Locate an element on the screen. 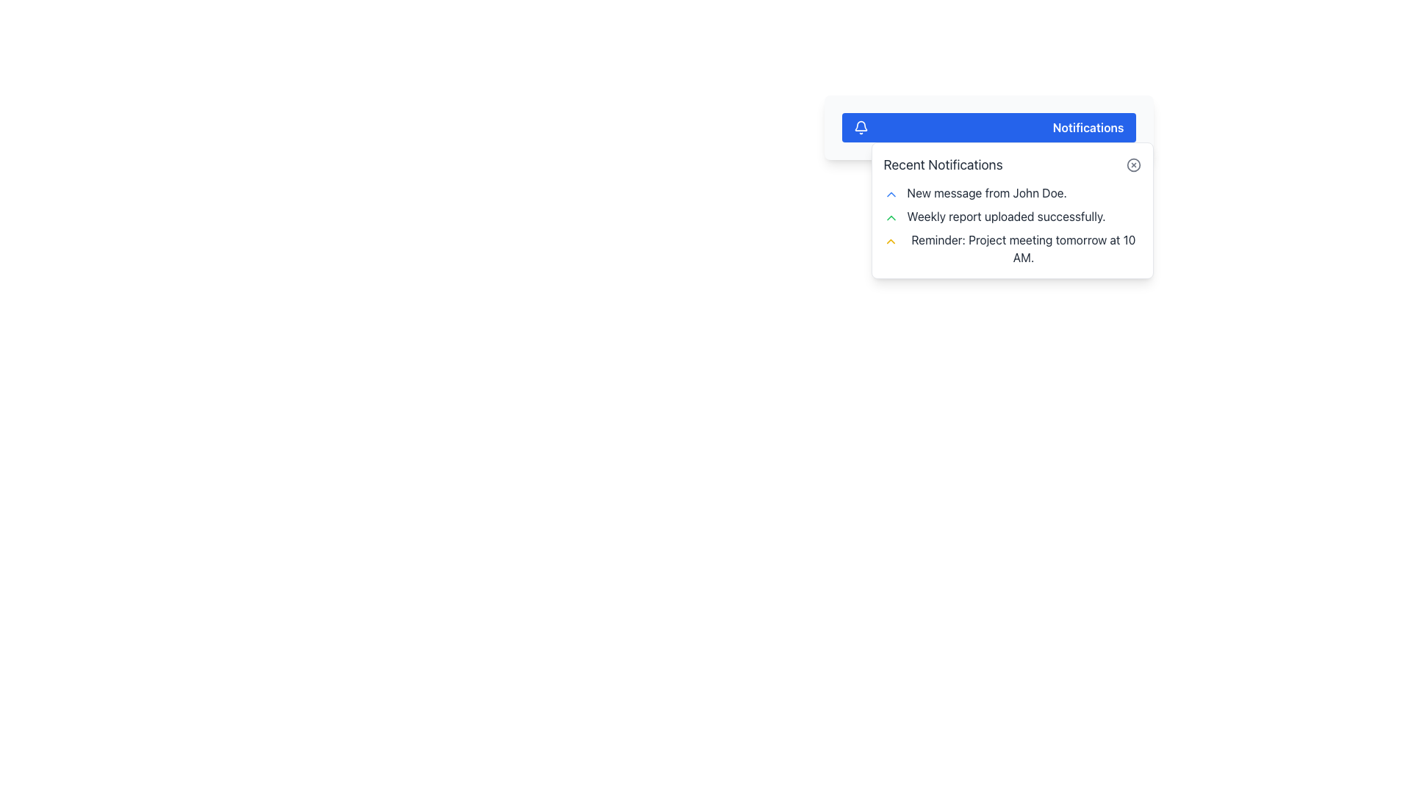 This screenshot has width=1411, height=793. the icon located at the leftmost position of the alert bar for 'Reminder: Project meeting tomorrow at 10 AM' is located at coordinates (889, 240).